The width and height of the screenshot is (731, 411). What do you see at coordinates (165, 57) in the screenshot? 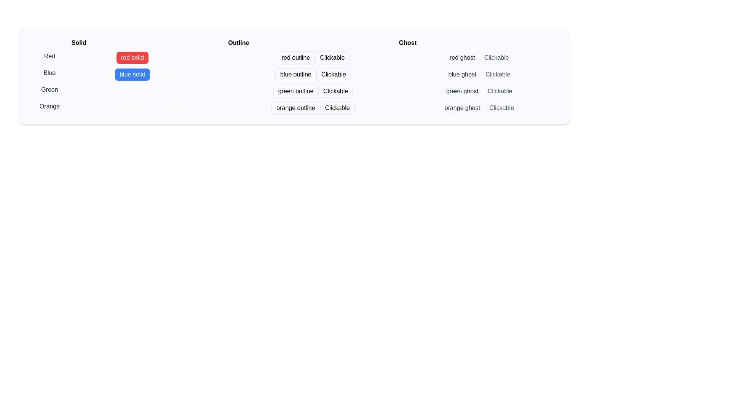
I see `the button labeled 'Clickable' located in the first row of the 'Solid' column, positioned to the right of the 'red solid' button` at bounding box center [165, 57].